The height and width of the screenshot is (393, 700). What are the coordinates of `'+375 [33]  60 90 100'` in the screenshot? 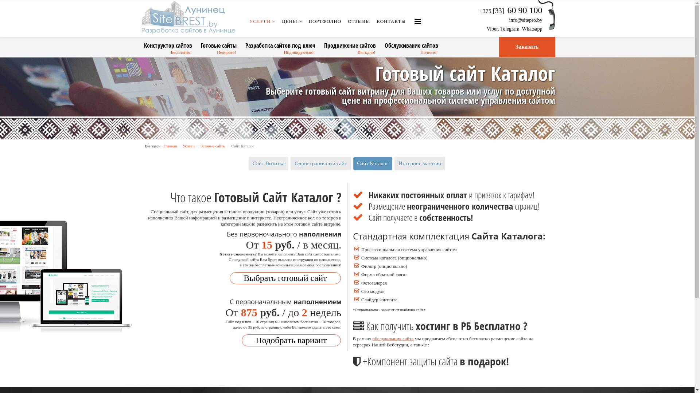 It's located at (510, 11).